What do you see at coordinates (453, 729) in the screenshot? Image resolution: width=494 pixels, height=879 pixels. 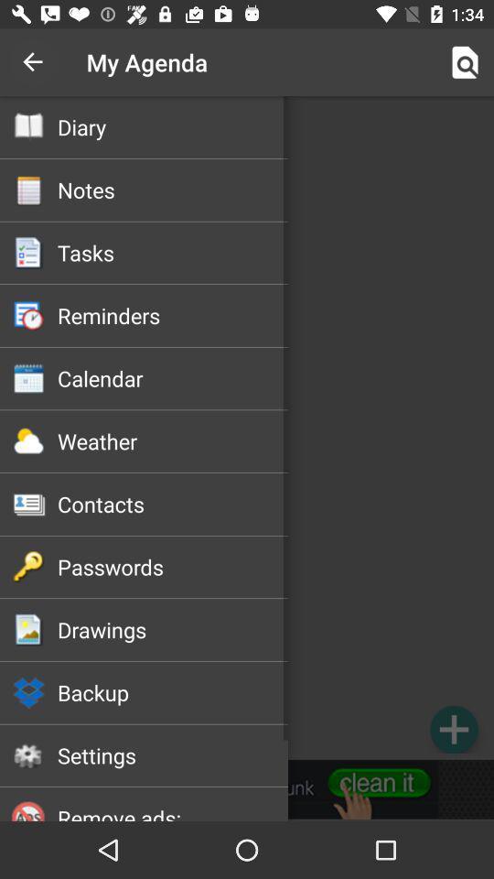 I see `note` at bounding box center [453, 729].